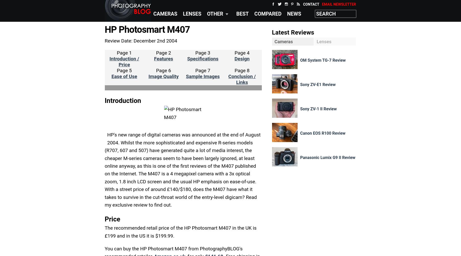  Describe the element at coordinates (254, 14) in the screenshot. I see `'Compared'` at that location.